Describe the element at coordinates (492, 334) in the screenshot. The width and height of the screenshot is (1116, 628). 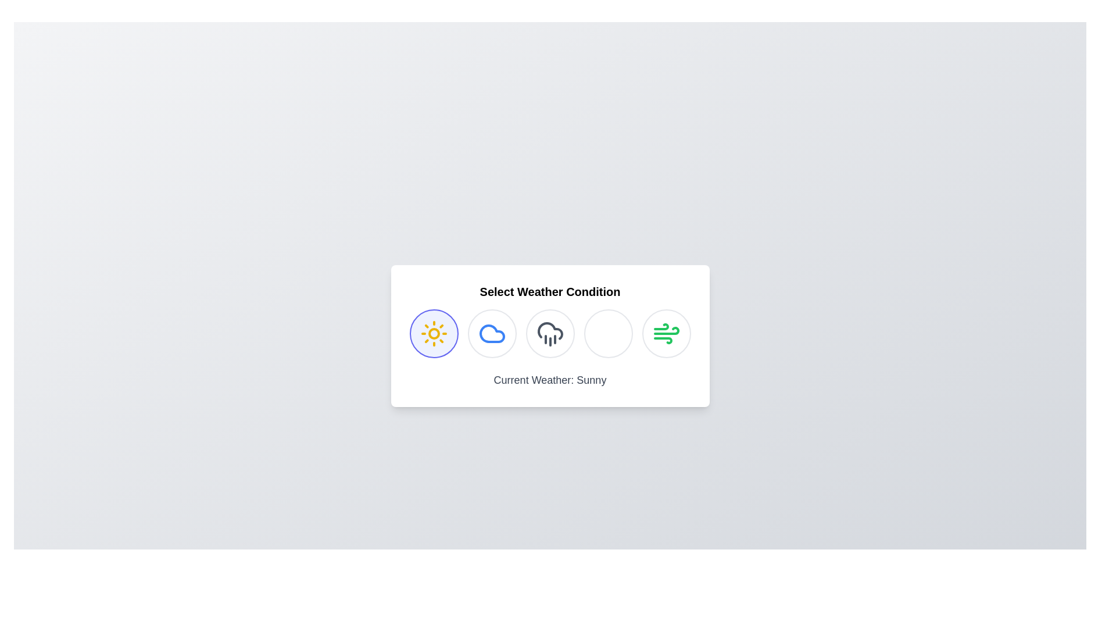
I see `the circular button with a blue cloud icon, which is the second in a row of weather icons` at that location.